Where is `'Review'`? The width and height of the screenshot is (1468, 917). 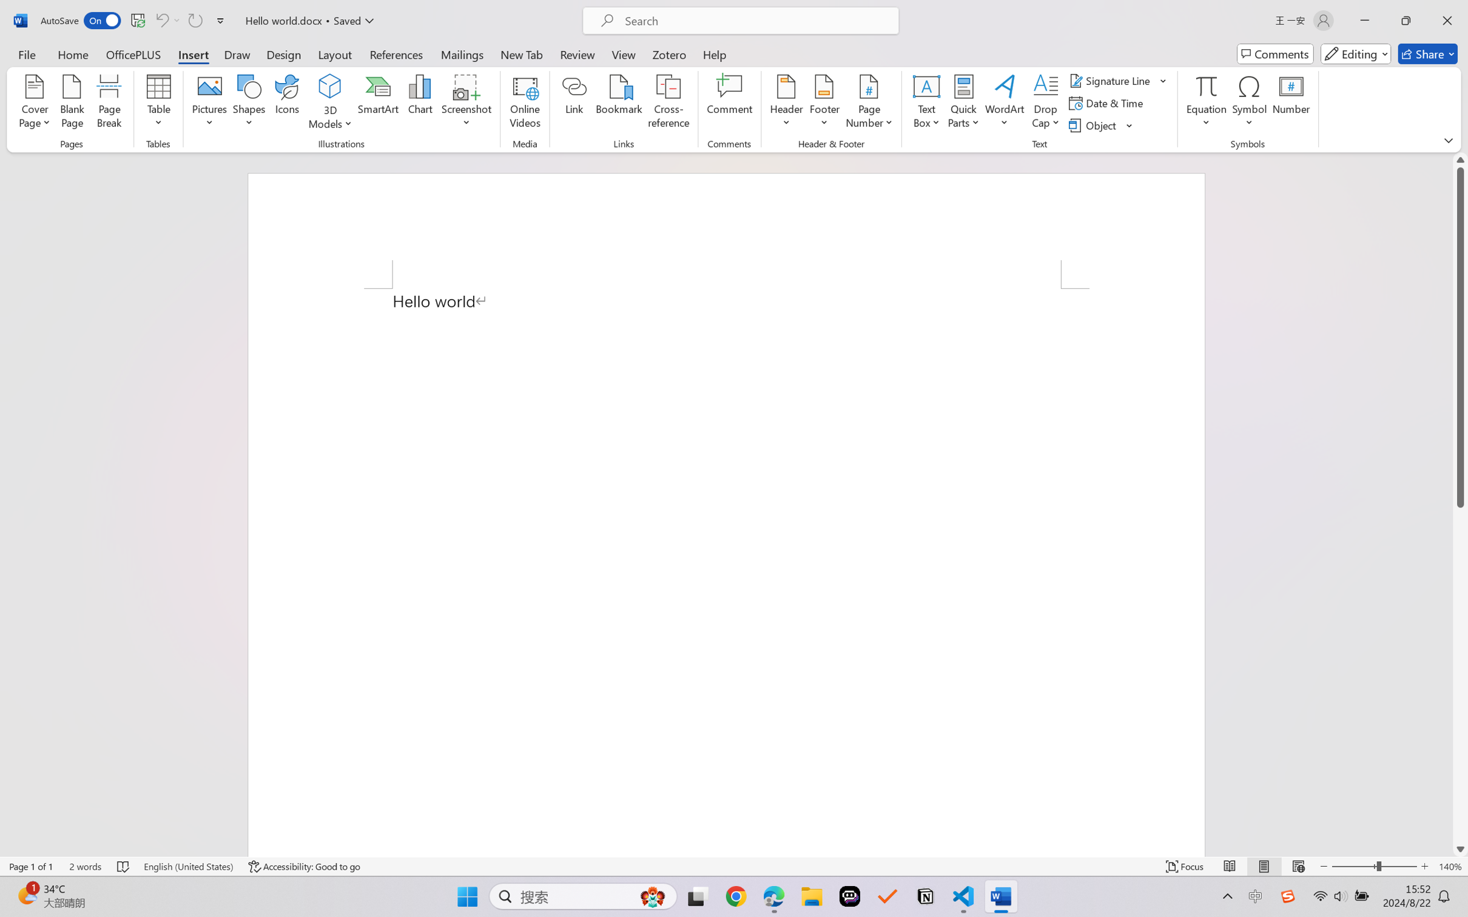 'Review' is located at coordinates (577, 53).